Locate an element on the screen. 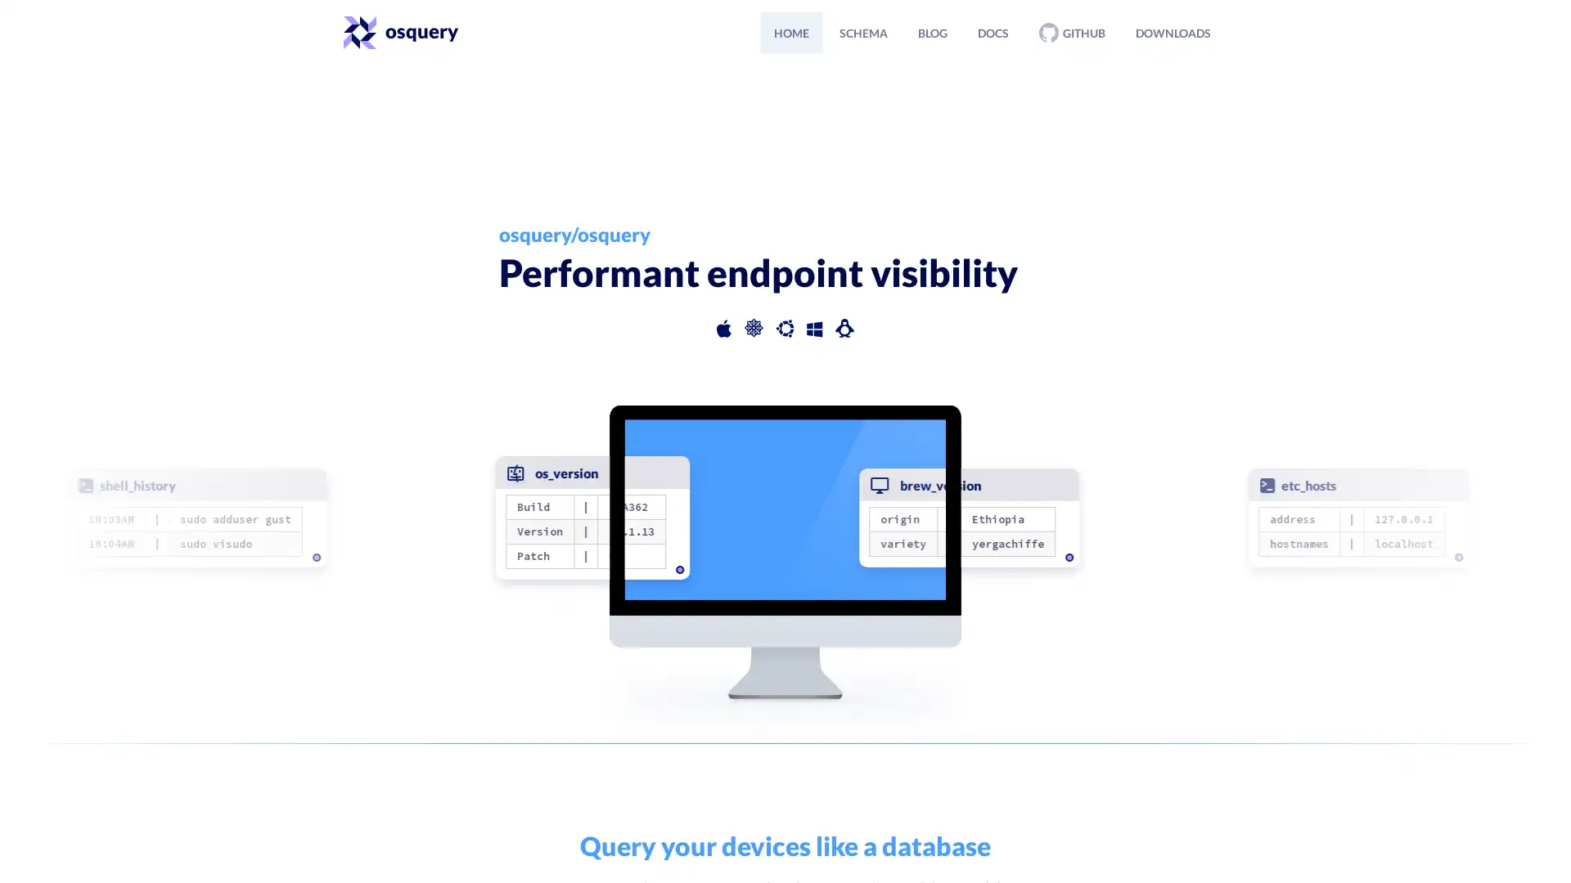 This screenshot has width=1571, height=883. github-mark GITHUB is located at coordinates (1072, 32).